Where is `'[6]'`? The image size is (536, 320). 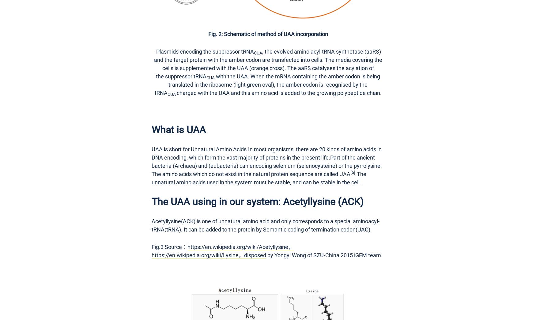
'[6]' is located at coordinates (353, 172).